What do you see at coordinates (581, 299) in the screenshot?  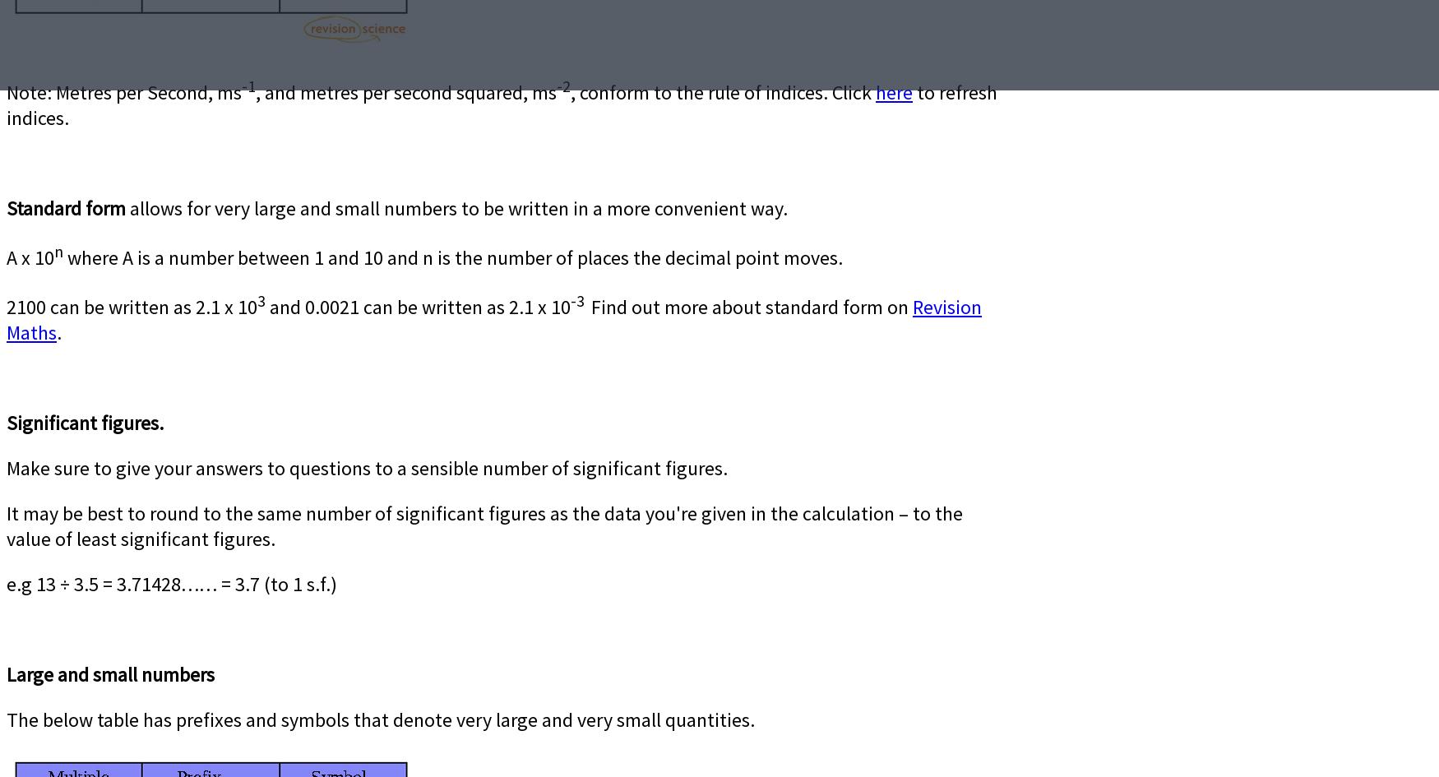 I see `'-3'` at bounding box center [581, 299].